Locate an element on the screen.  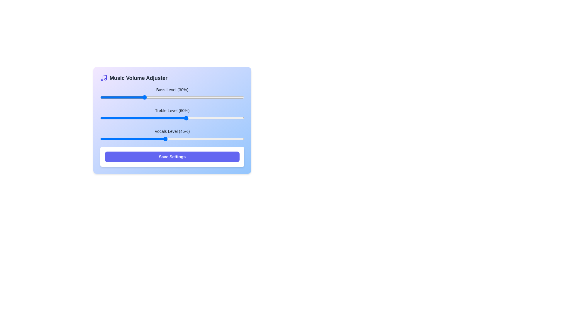
the blue thumb of the horizontal slider labeled 'Bass Level (30%)' is located at coordinates (172, 97).